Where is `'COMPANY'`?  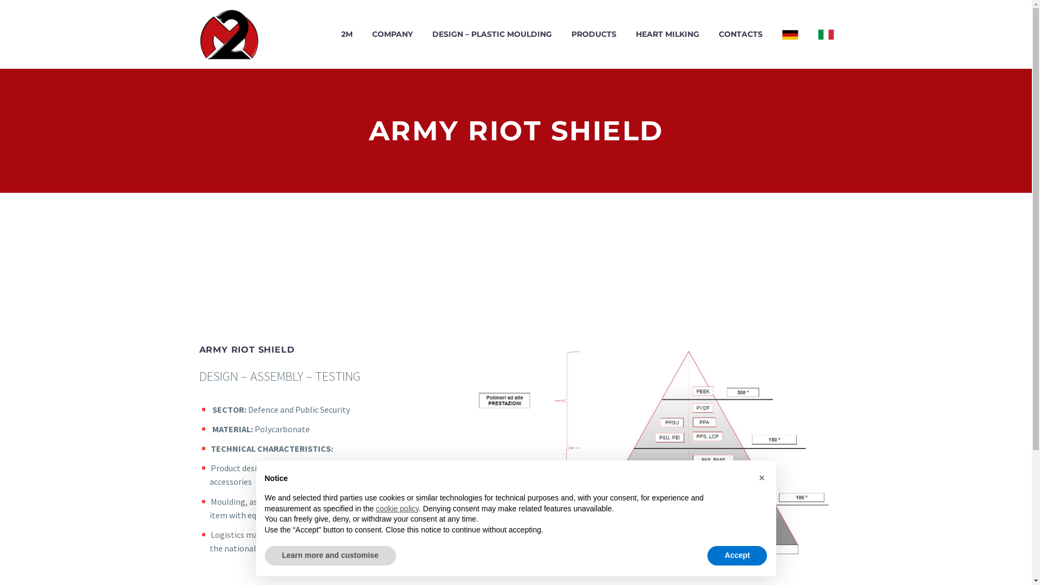 'COMPANY' is located at coordinates (392, 34).